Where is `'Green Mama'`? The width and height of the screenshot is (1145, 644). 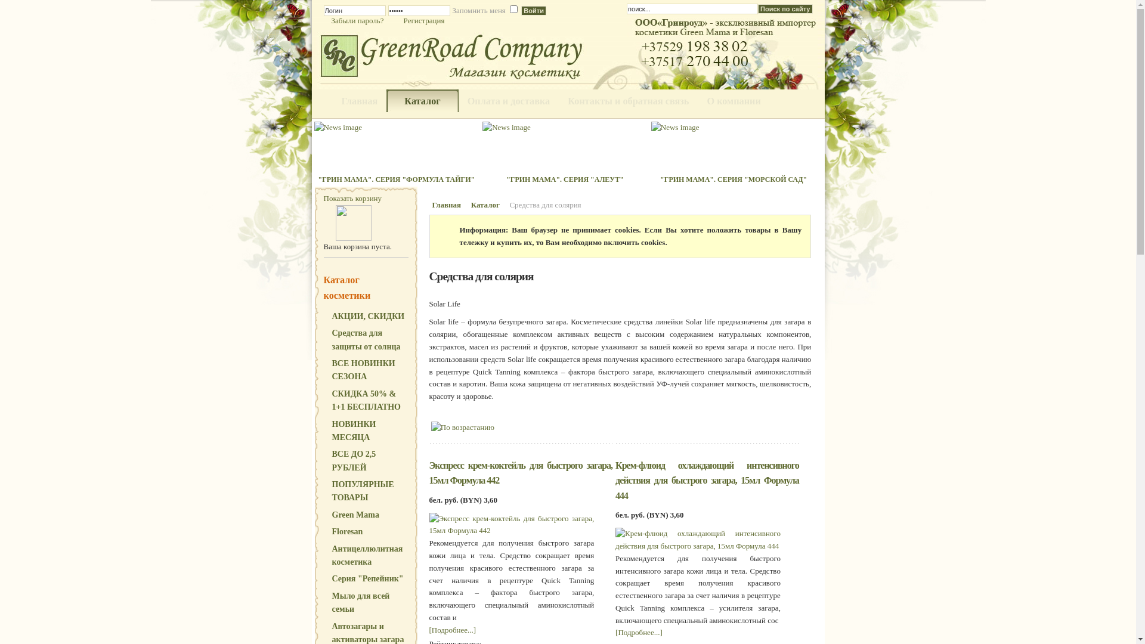 'Green Mama' is located at coordinates (366, 515).